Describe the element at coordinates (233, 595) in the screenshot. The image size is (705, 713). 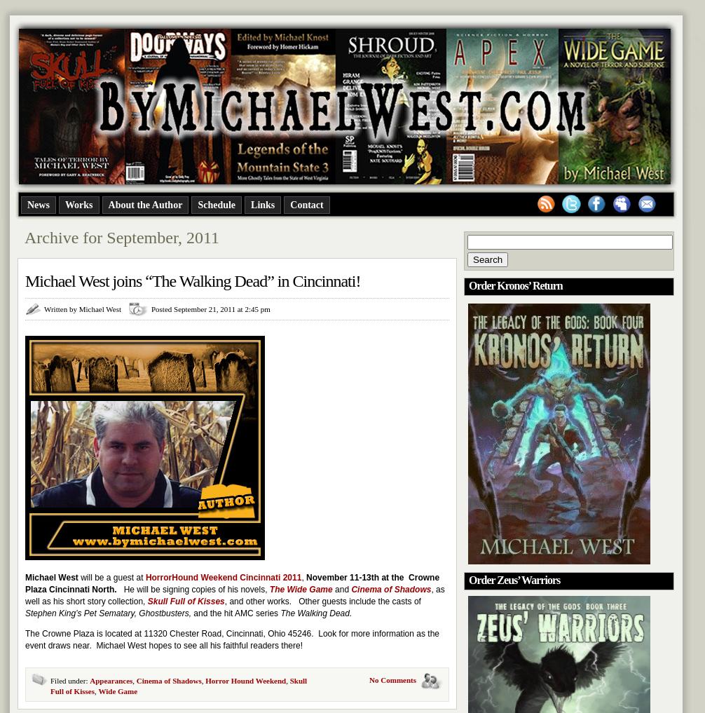
I see `', as well as his short story collection,'` at that location.